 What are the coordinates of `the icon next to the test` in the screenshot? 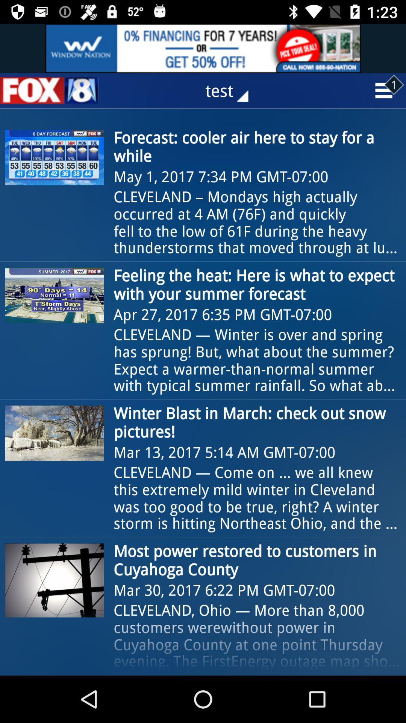 It's located at (49, 90).